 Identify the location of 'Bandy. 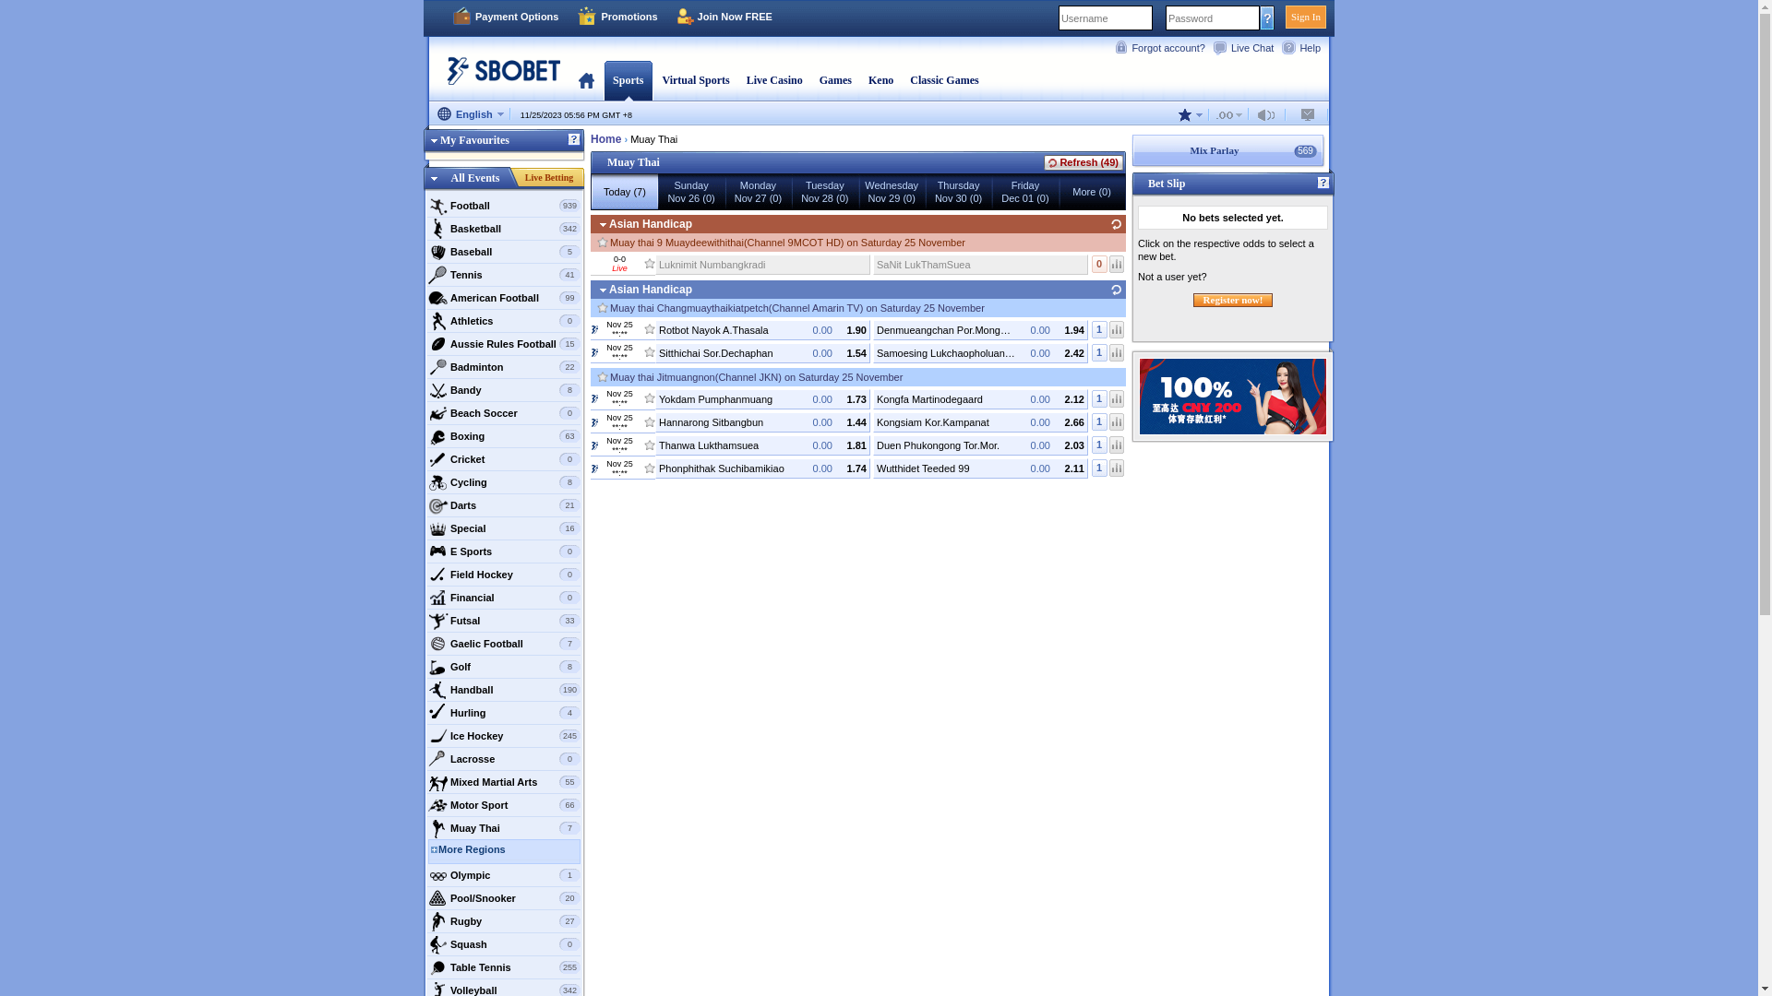
(504, 389).